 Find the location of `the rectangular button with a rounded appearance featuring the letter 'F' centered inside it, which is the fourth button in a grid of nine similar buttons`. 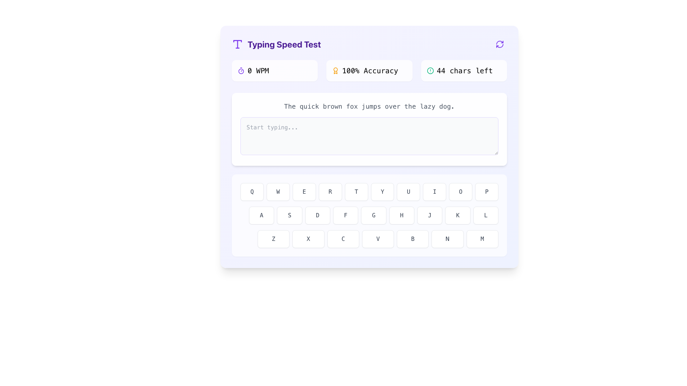

the rectangular button with a rounded appearance featuring the letter 'F' centered inside it, which is the fourth button in a grid of nine similar buttons is located at coordinates (346, 215).